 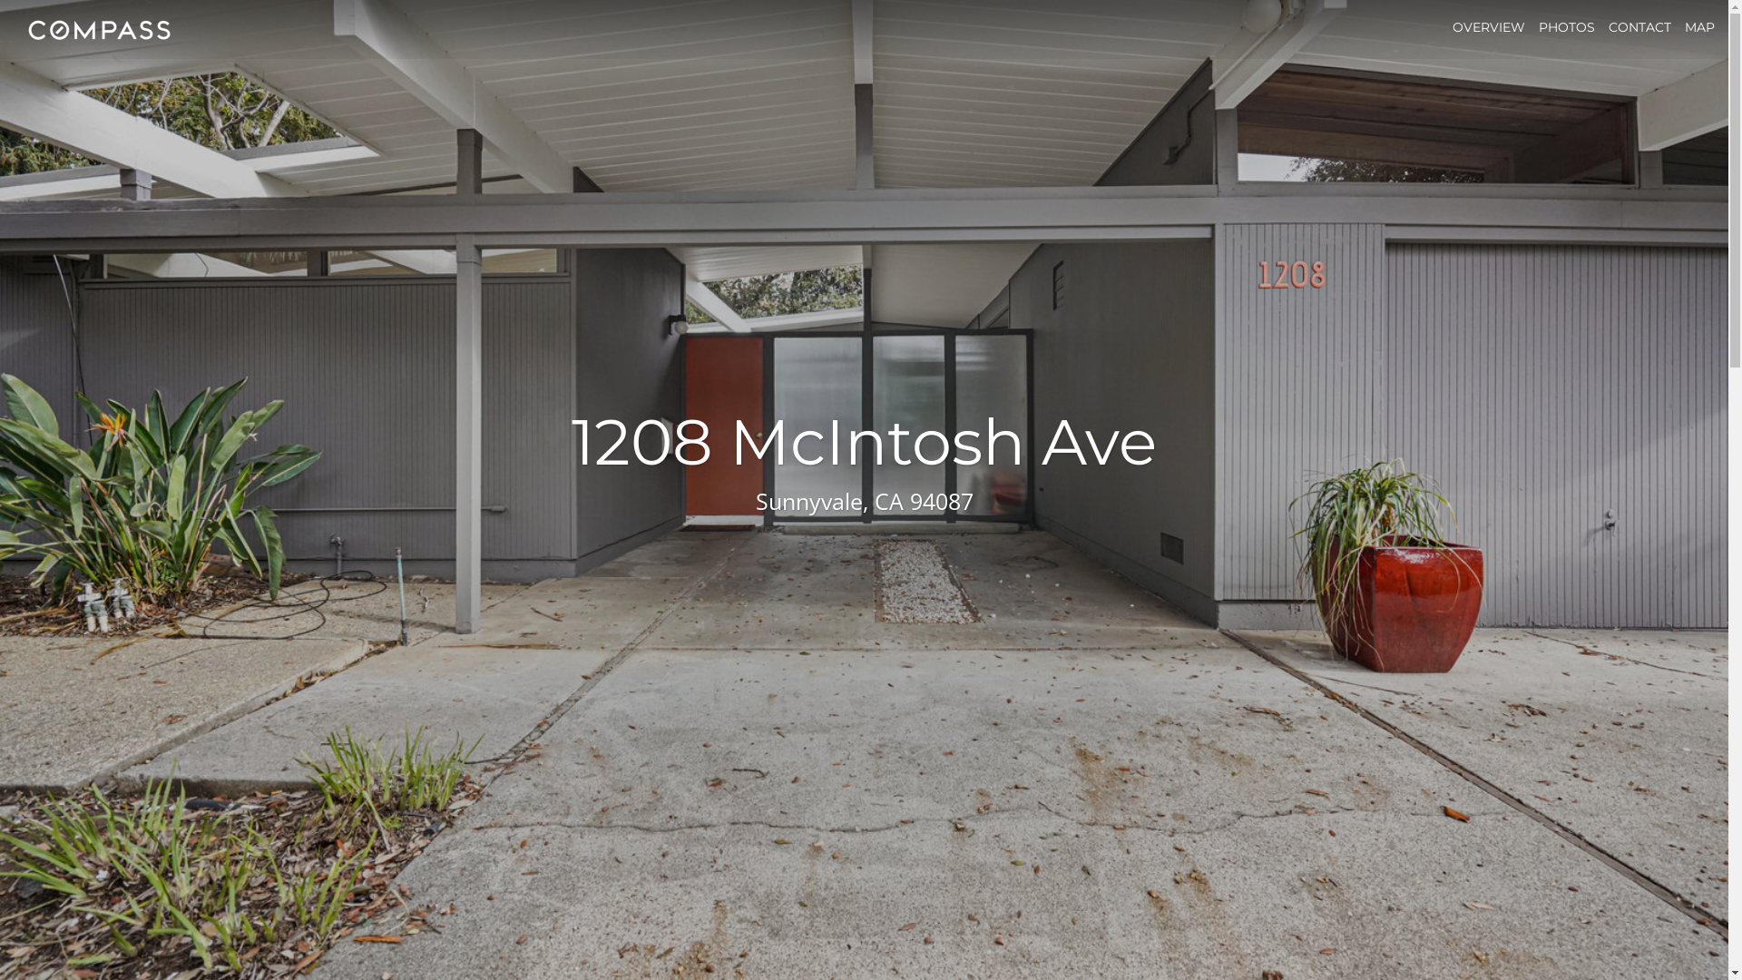 What do you see at coordinates (1684, 27) in the screenshot?
I see `'MAP'` at bounding box center [1684, 27].